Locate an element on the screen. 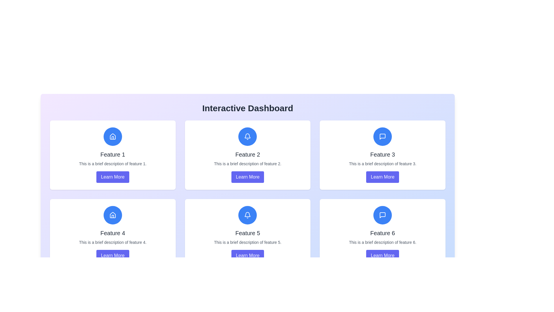 This screenshot has height=312, width=554. the 'Learn More' button, which is a rectangular button with white text on an indigo blue background, located within the 'Feature 5' card layout is located at coordinates (248, 255).